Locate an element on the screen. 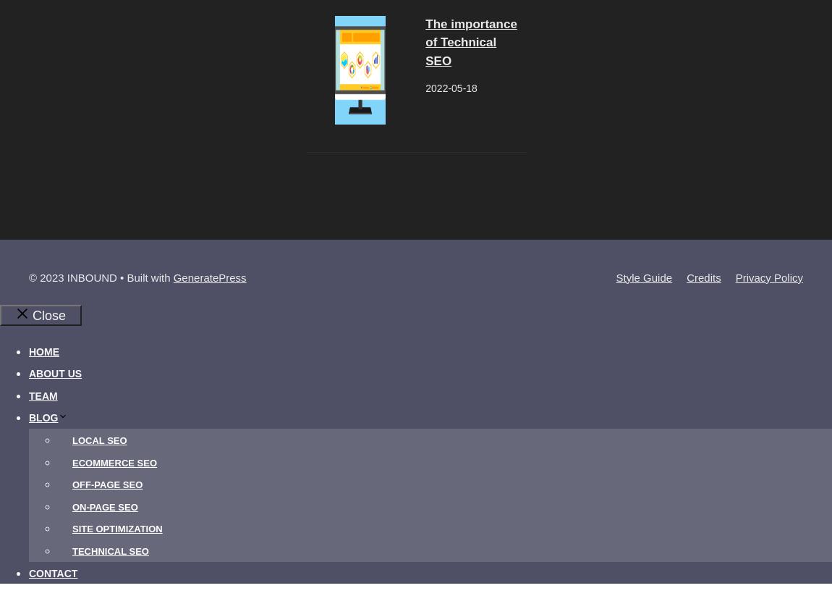  'Privacy policy' is located at coordinates (768, 276).